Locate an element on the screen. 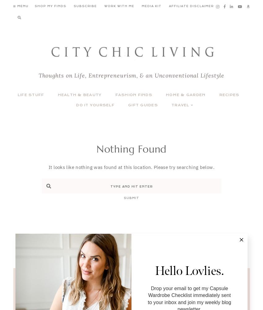 The image size is (263, 310). 'Subscribe' is located at coordinates (73, 6).